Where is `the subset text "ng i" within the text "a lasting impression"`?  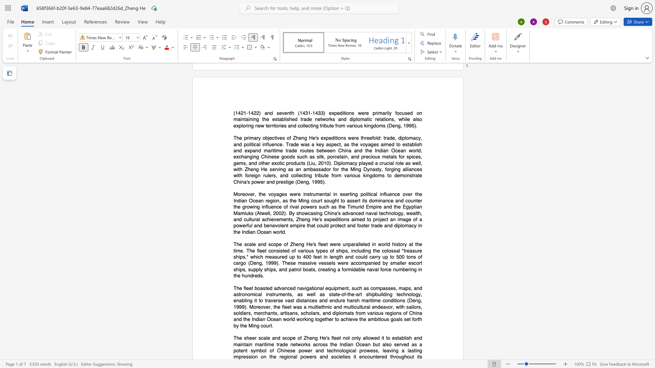 the subset text "ng i" within the text "a lasting impression" is located at coordinates (416, 351).